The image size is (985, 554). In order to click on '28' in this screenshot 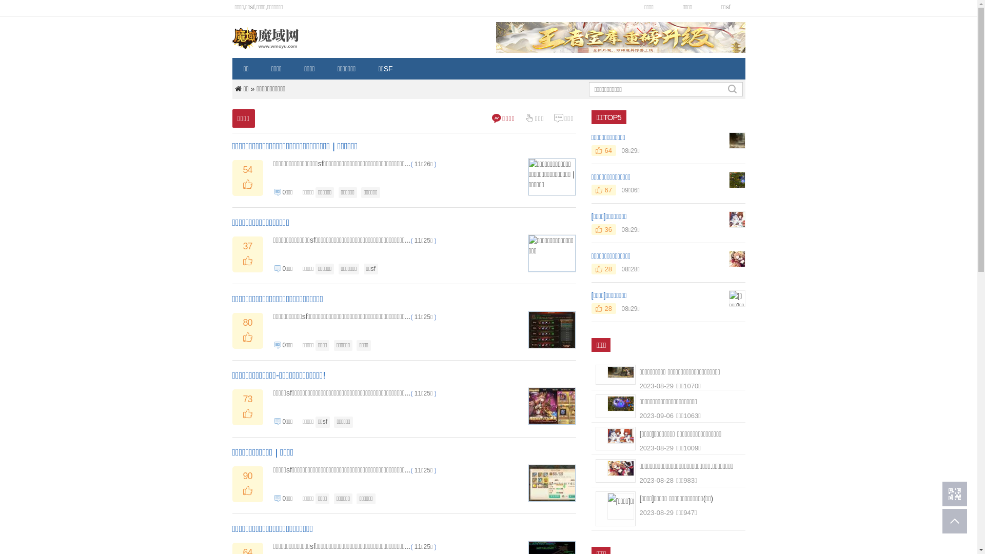, I will do `click(591, 268)`.